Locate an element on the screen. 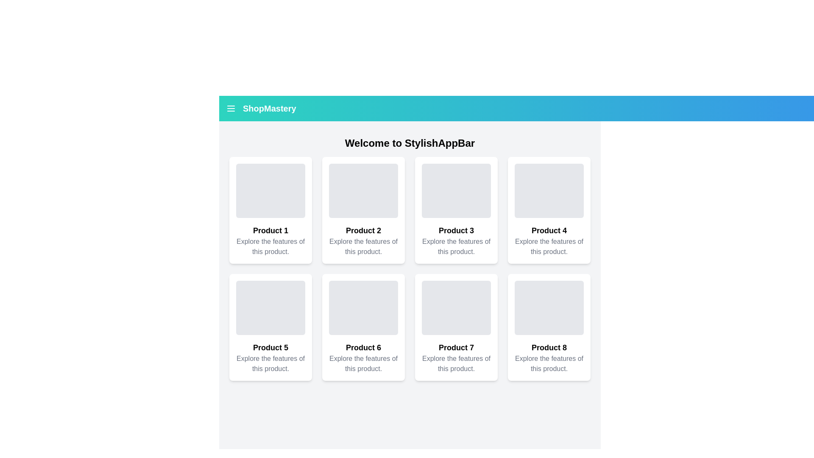 This screenshot has height=458, width=814. text element that says 'Explore the features of this product.' located in the second card beneath the heading 'Product 2' is located at coordinates (363, 247).